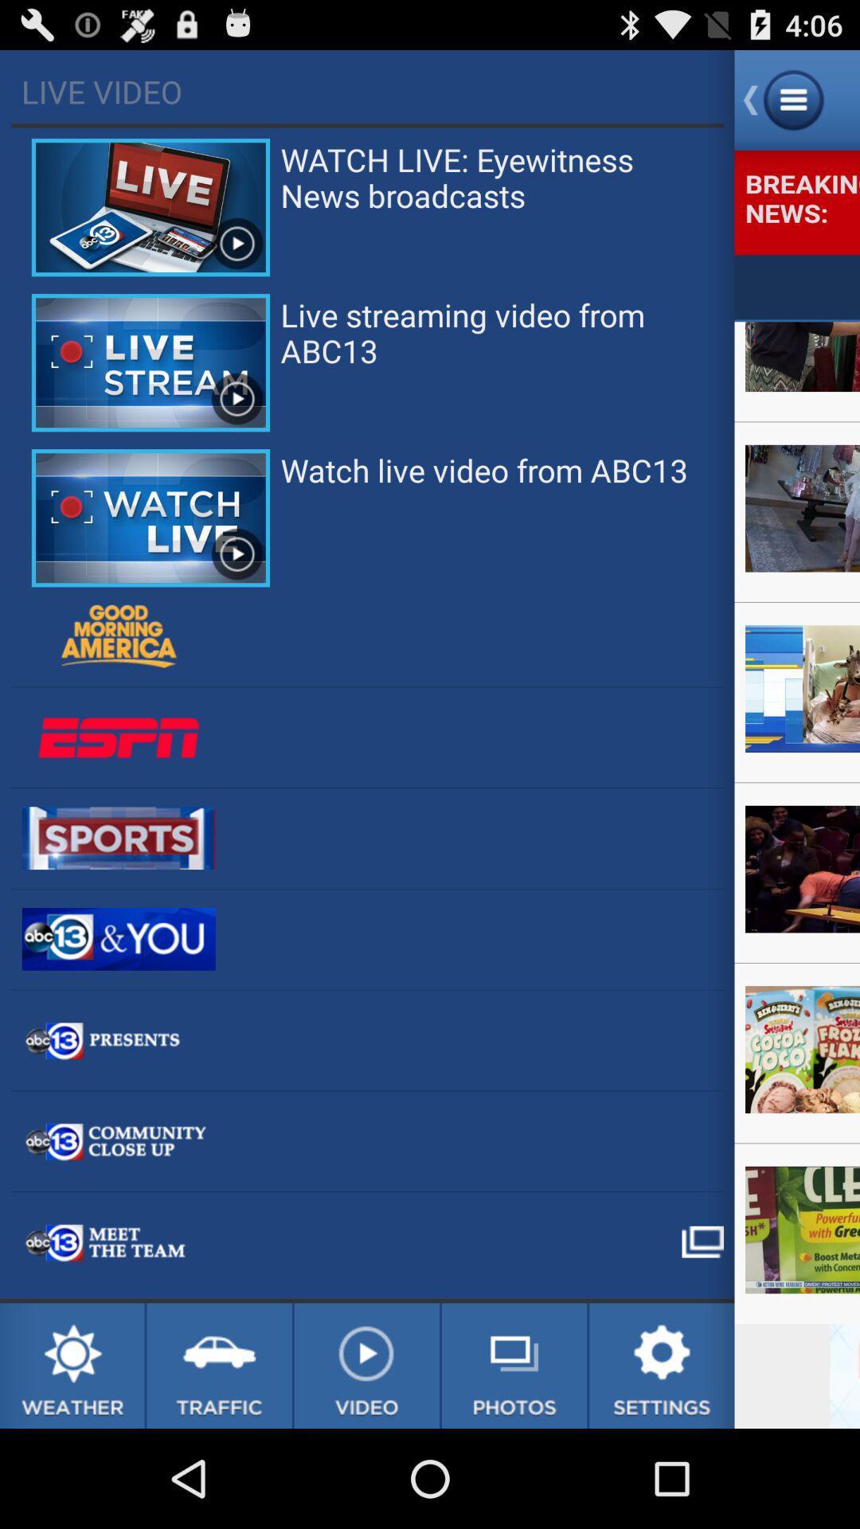  I want to click on photo feed, so click(514, 1365).